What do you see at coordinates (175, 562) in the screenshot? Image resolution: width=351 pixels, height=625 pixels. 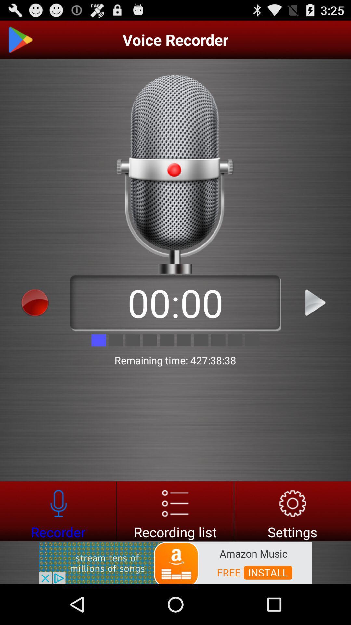 I see `amazon music` at bounding box center [175, 562].